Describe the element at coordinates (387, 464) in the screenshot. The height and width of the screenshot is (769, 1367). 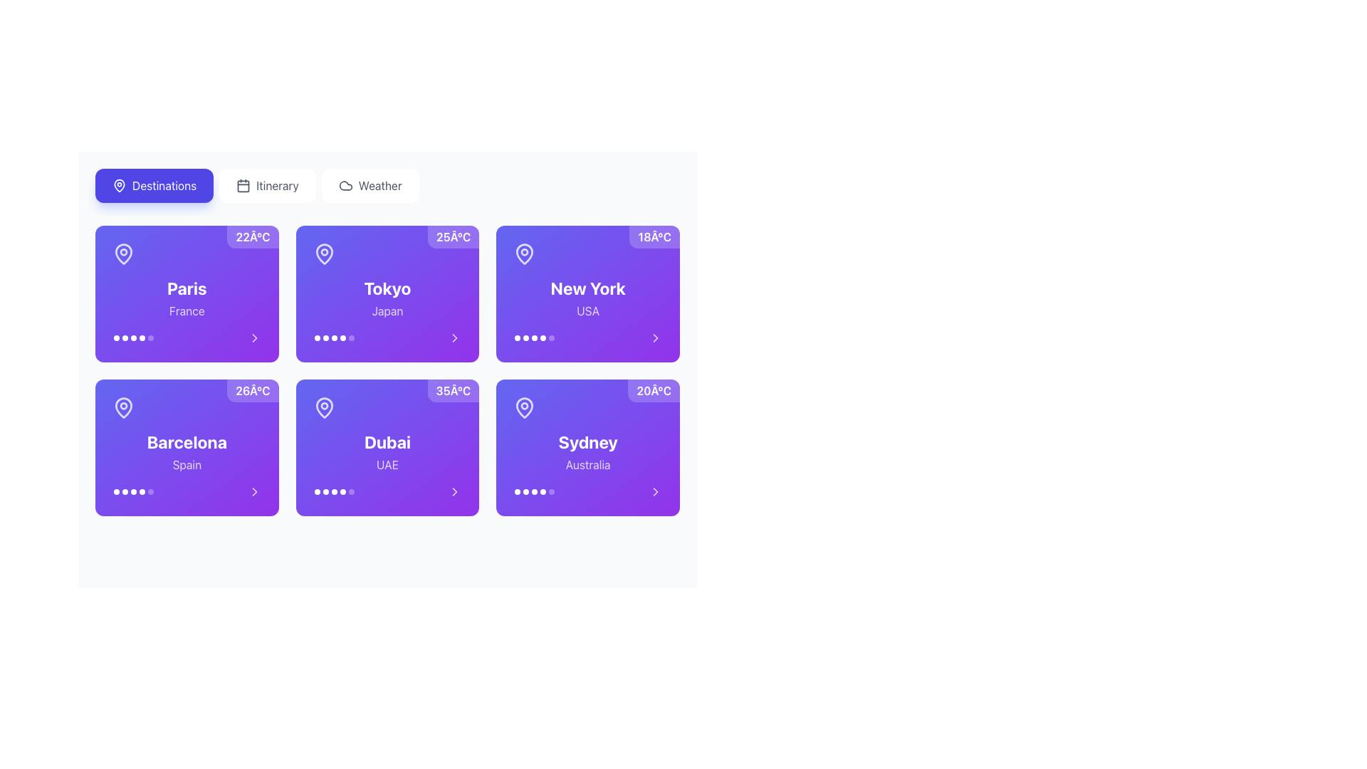
I see `the static text label indicating the country associated with the city 'Dubai' located in the fourth card of the second row in the grid layout` at that location.